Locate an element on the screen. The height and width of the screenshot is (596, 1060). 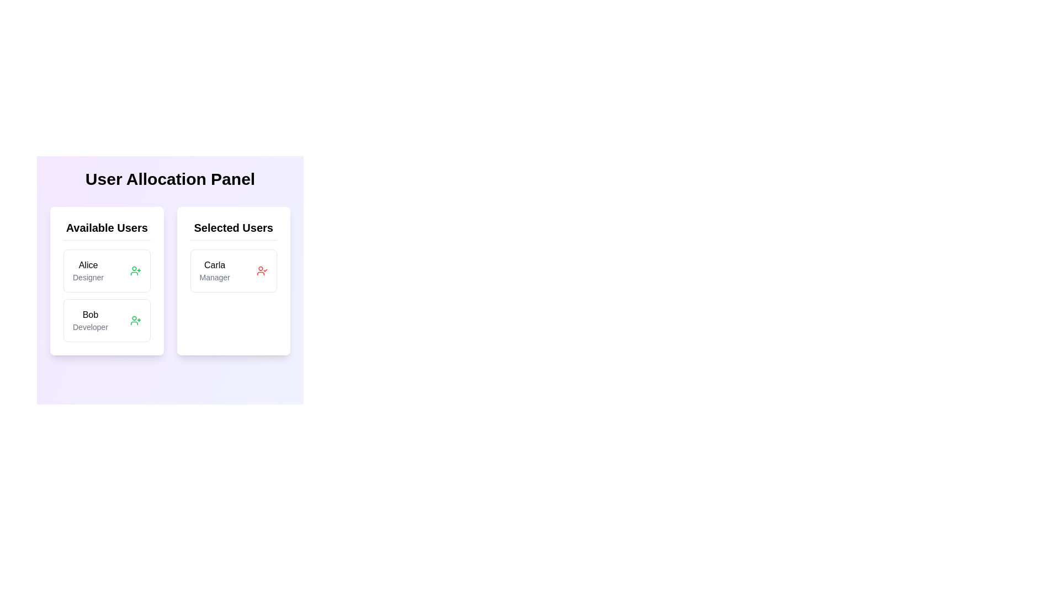
the text label that provides additional role information about 'Bob', specifying their designation as 'Developer', located below the bold text 'Bob' in the second card under the 'Available Users' panel is located at coordinates (90, 327).